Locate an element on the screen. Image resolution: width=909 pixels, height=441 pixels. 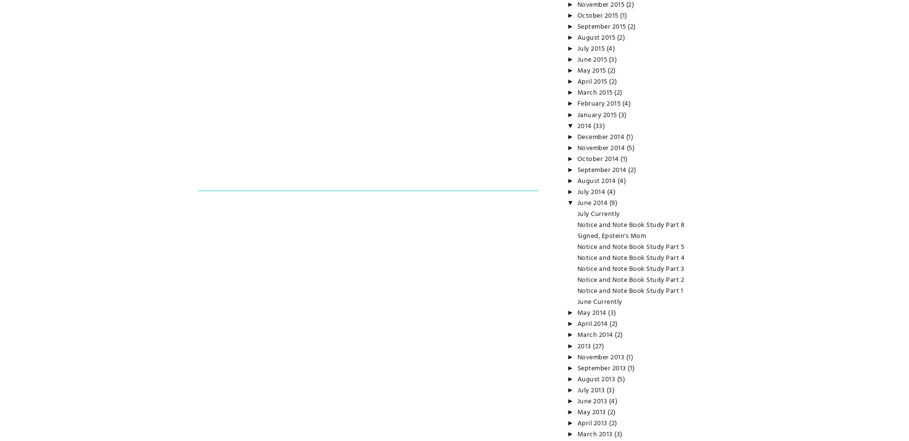
'June 2015' is located at coordinates (592, 60).